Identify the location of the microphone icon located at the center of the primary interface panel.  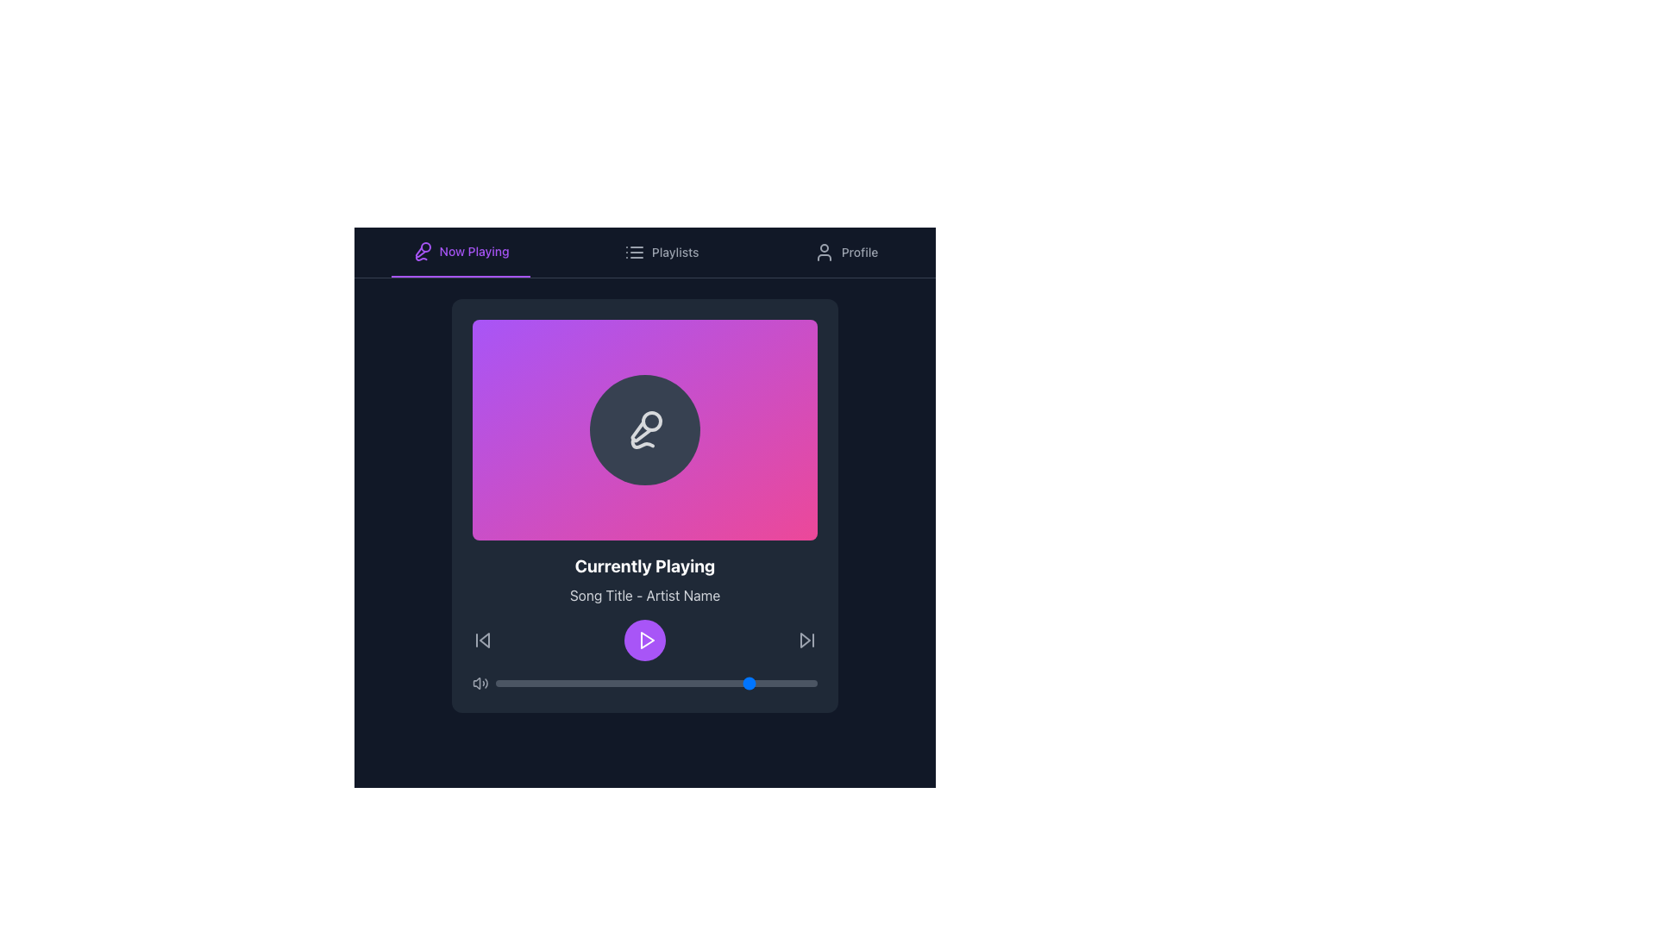
(644, 428).